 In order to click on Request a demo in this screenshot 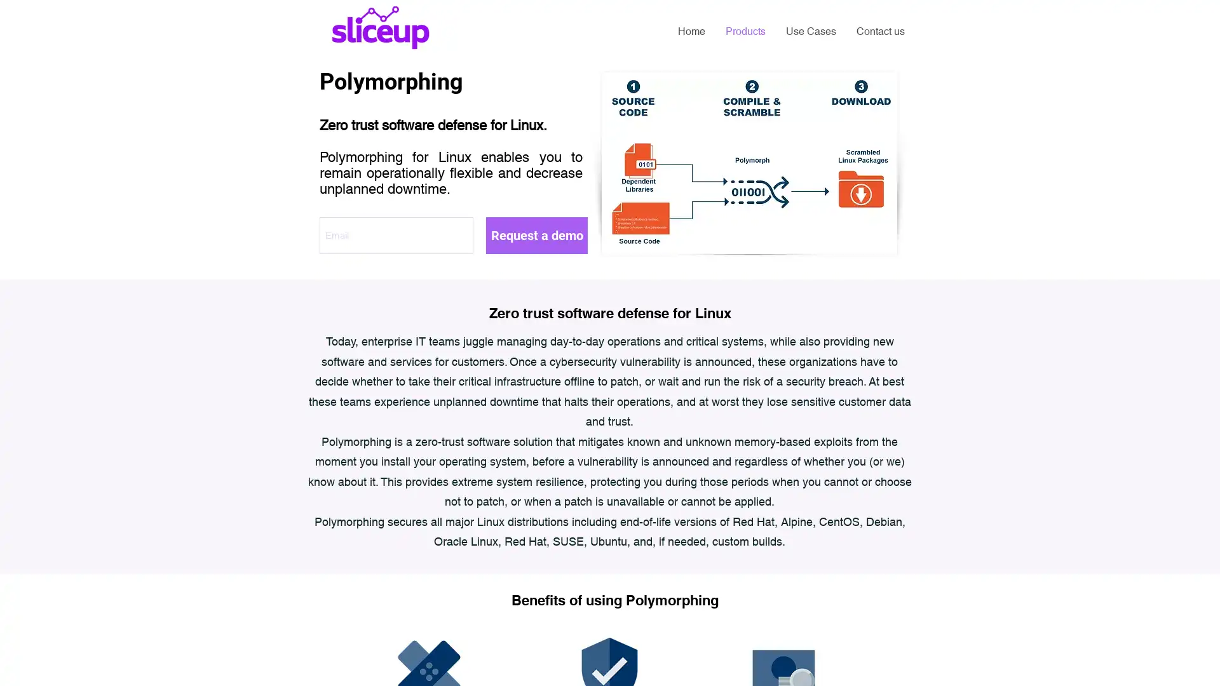, I will do `click(536, 235)`.